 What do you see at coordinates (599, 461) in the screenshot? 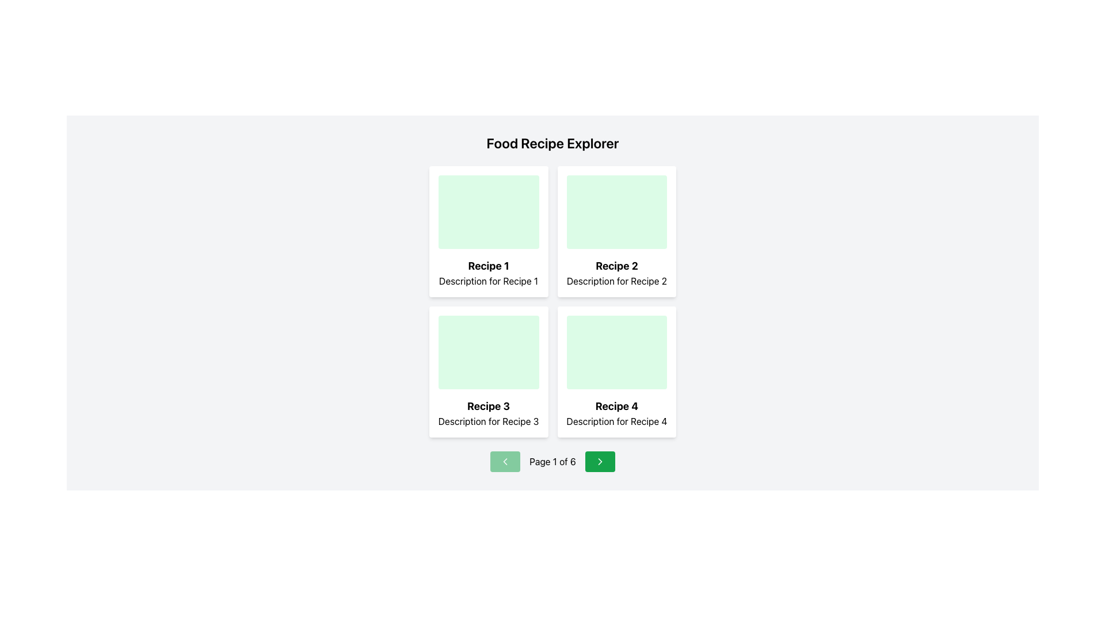
I see `the right-pointing chevron icon located within the green button in the navigation section at the bottom of the interface, to the right of the page number indicator, for keyboard navigation` at bounding box center [599, 461].